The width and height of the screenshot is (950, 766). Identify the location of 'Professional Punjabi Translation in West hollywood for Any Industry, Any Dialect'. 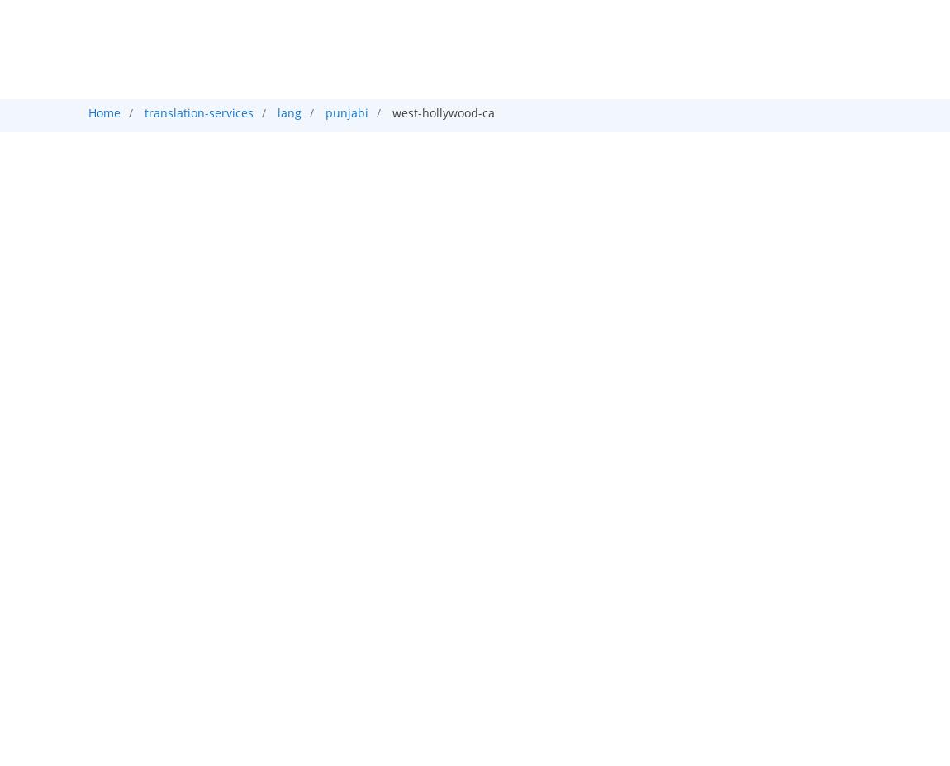
(473, 177).